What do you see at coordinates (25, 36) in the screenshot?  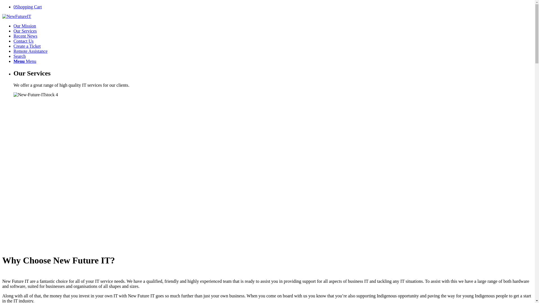 I see `'Recent News'` at bounding box center [25, 36].